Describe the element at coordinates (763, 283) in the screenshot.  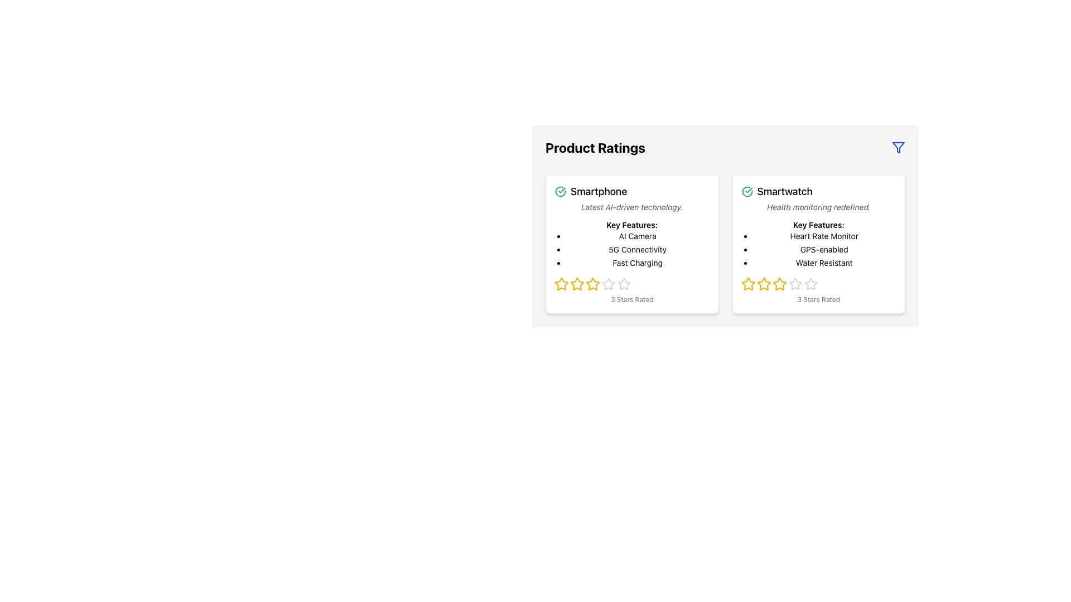
I see `the second star-shaped icon with a yellow outline in the rating section of the 'Smartwatch' card, which is the second star from the left among five stars` at that location.